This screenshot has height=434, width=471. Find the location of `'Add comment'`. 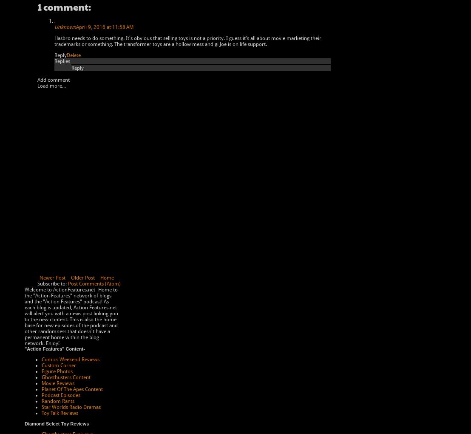

'Add comment' is located at coordinates (53, 79).